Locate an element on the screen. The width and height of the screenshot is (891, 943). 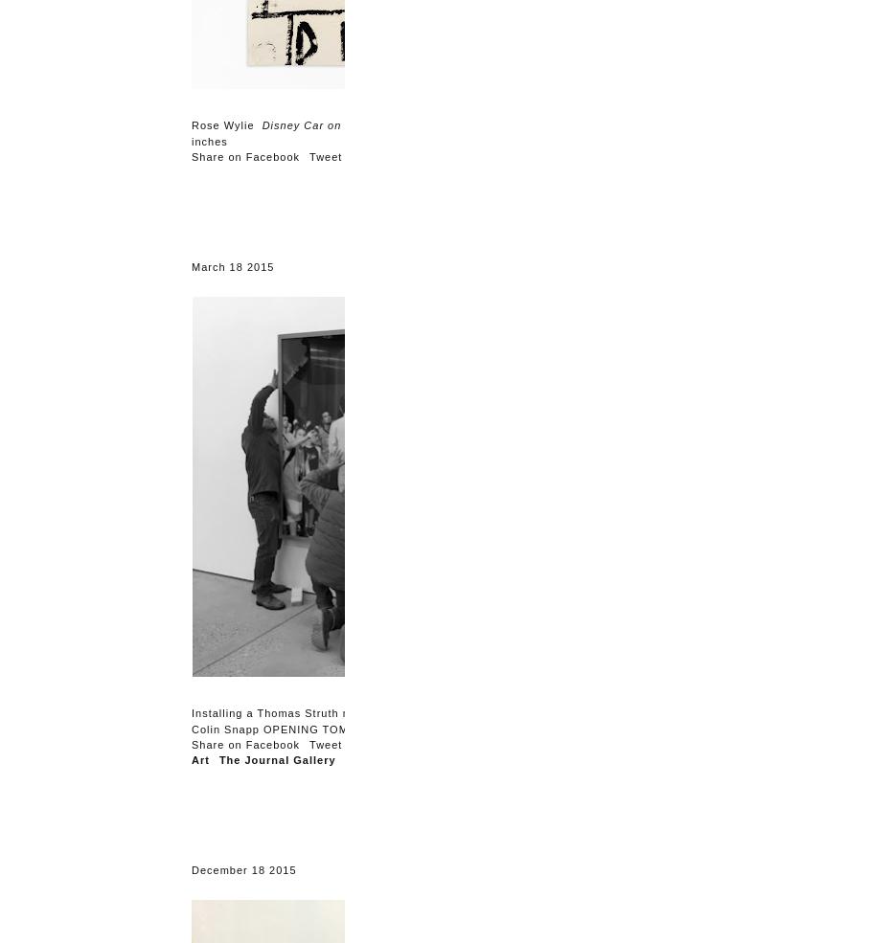
'December 18 2015' is located at coordinates (243, 868).